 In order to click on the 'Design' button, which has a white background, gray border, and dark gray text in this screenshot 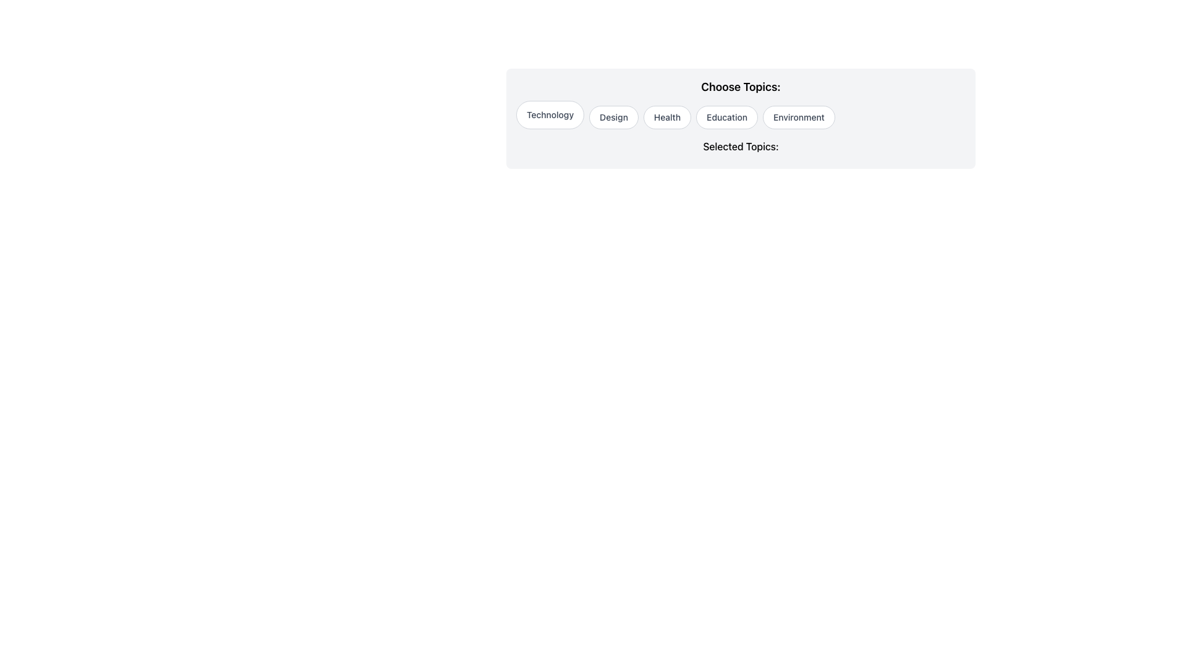, I will do `click(614, 117)`.